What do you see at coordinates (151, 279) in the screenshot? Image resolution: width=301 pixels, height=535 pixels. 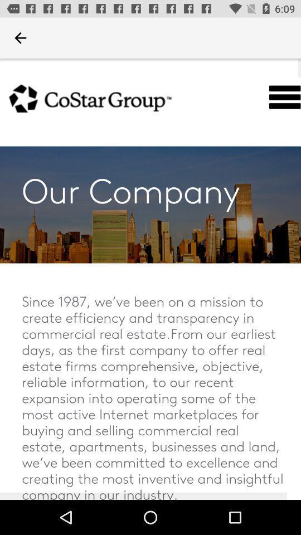 I see `company info` at bounding box center [151, 279].